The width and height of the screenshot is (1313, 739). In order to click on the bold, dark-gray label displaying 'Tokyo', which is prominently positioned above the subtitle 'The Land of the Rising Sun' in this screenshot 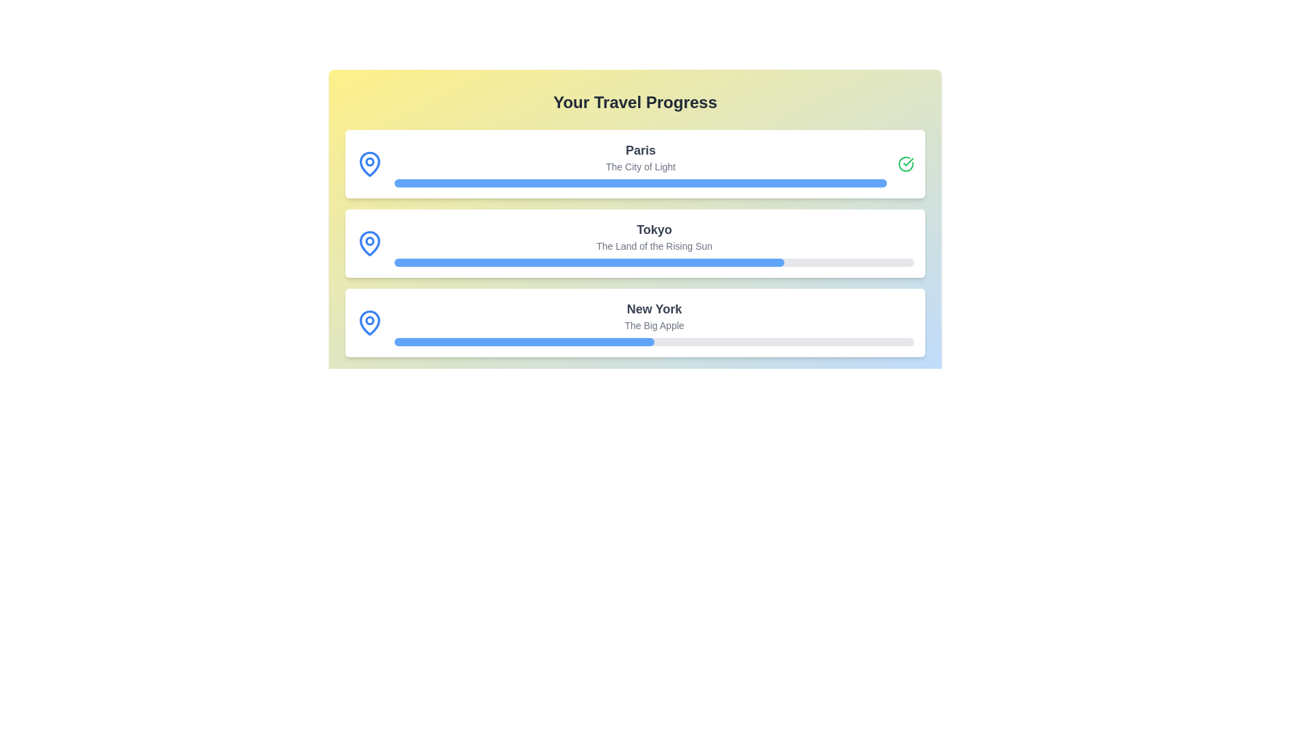, I will do `click(653, 229)`.